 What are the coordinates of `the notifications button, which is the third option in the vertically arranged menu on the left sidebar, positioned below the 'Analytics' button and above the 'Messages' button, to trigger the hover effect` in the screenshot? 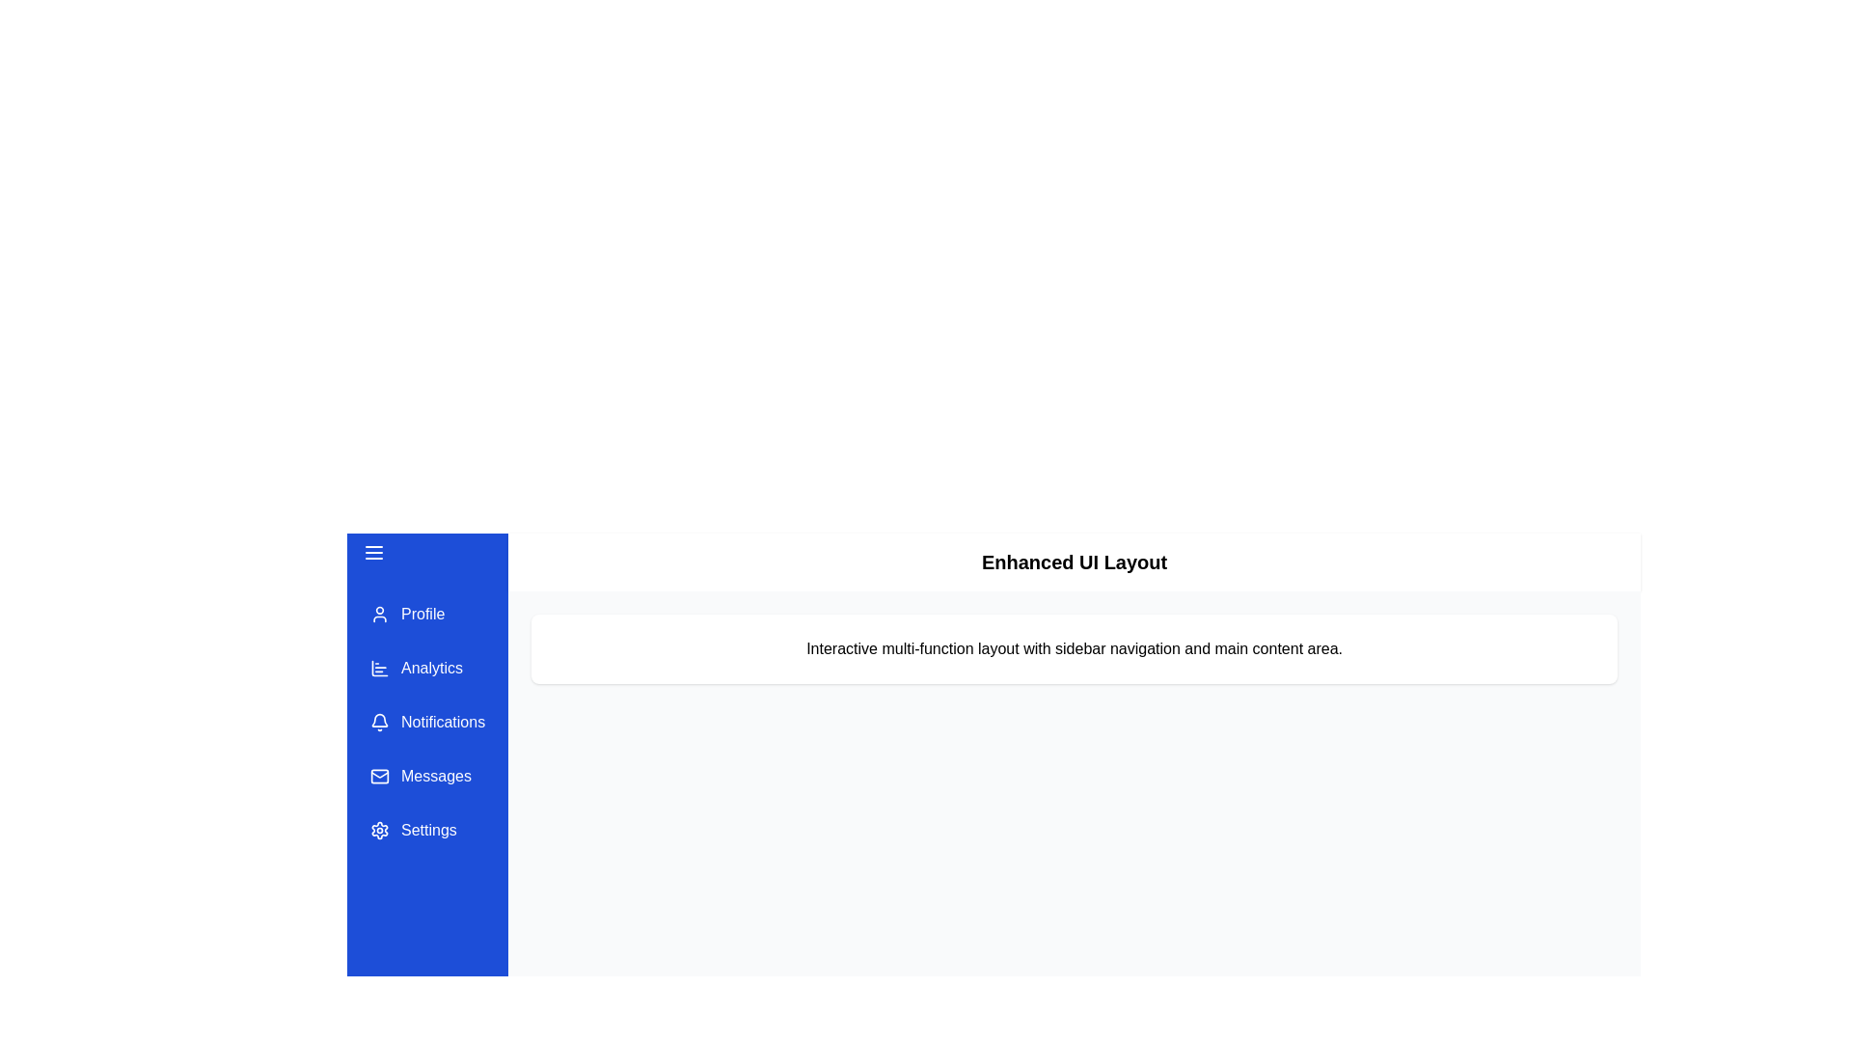 It's located at (426, 722).